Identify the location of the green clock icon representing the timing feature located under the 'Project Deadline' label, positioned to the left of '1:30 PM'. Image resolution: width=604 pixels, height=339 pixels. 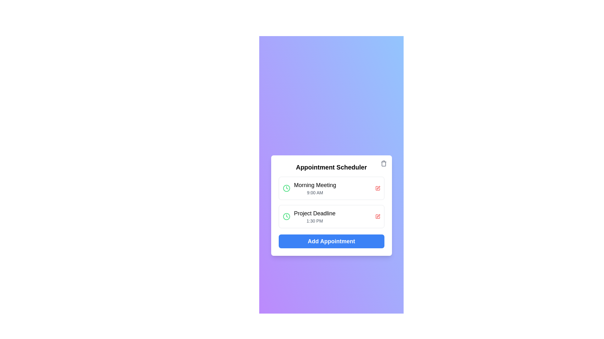
(286, 216).